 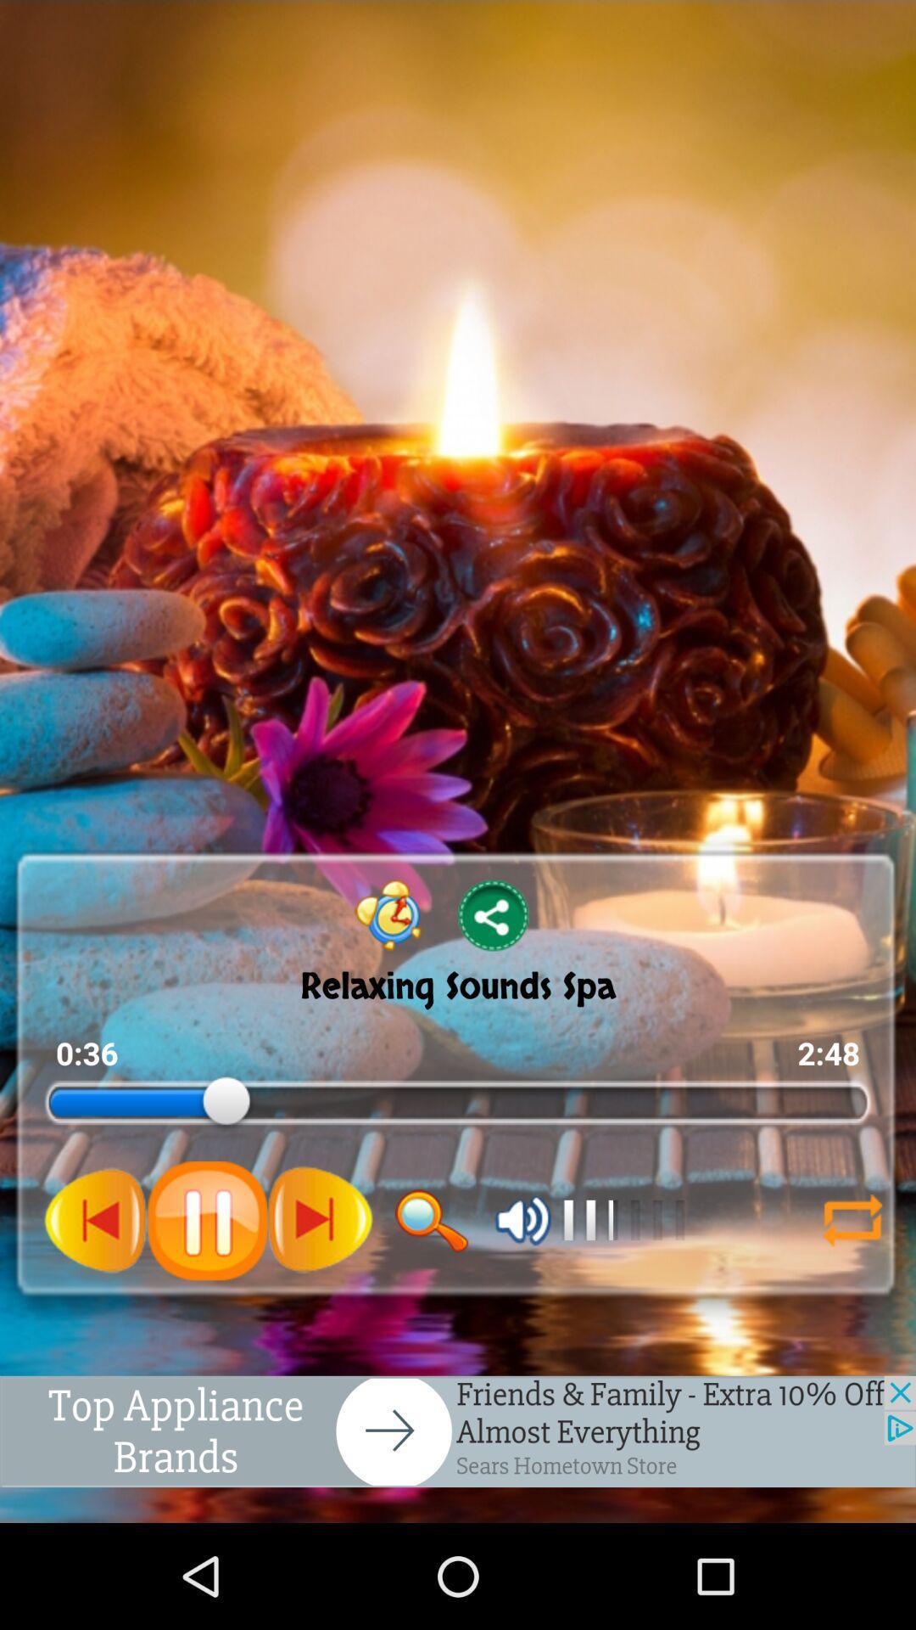 I want to click on search option, so click(x=431, y=1220).